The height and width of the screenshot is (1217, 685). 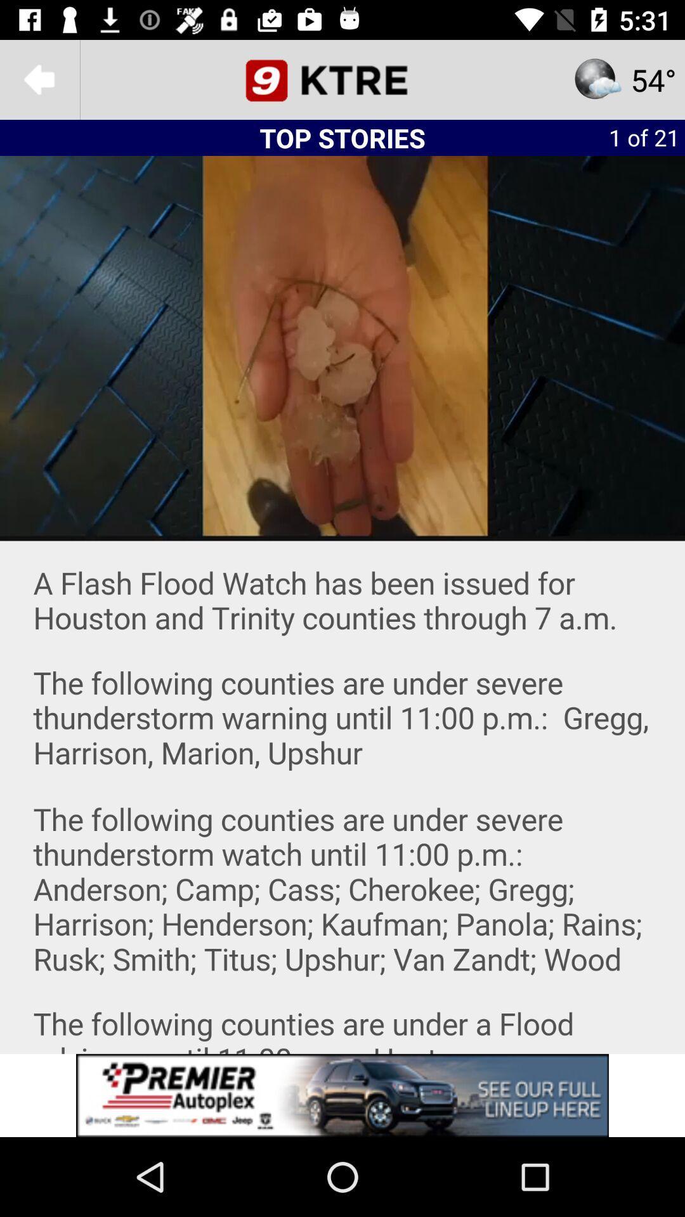 I want to click on principal menu, so click(x=342, y=79).